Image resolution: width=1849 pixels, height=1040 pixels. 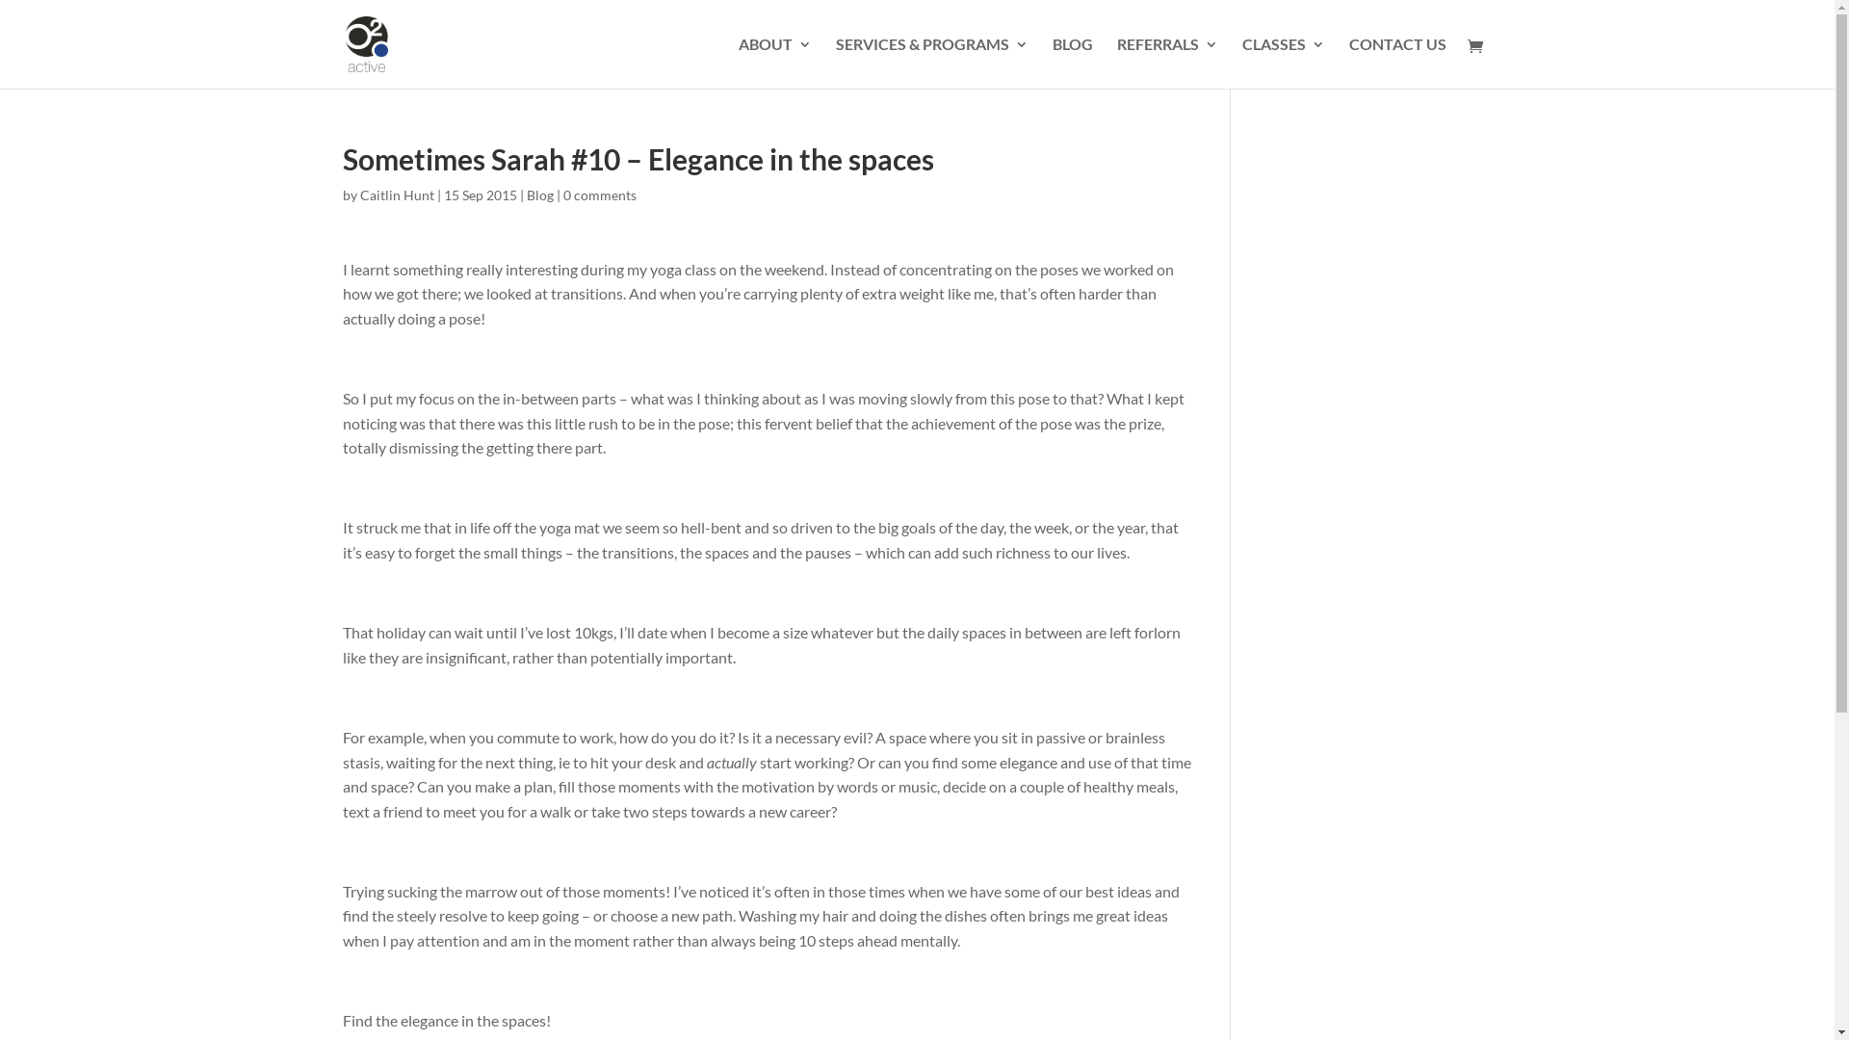 I want to click on 'Caitlin Hunt', so click(x=360, y=195).